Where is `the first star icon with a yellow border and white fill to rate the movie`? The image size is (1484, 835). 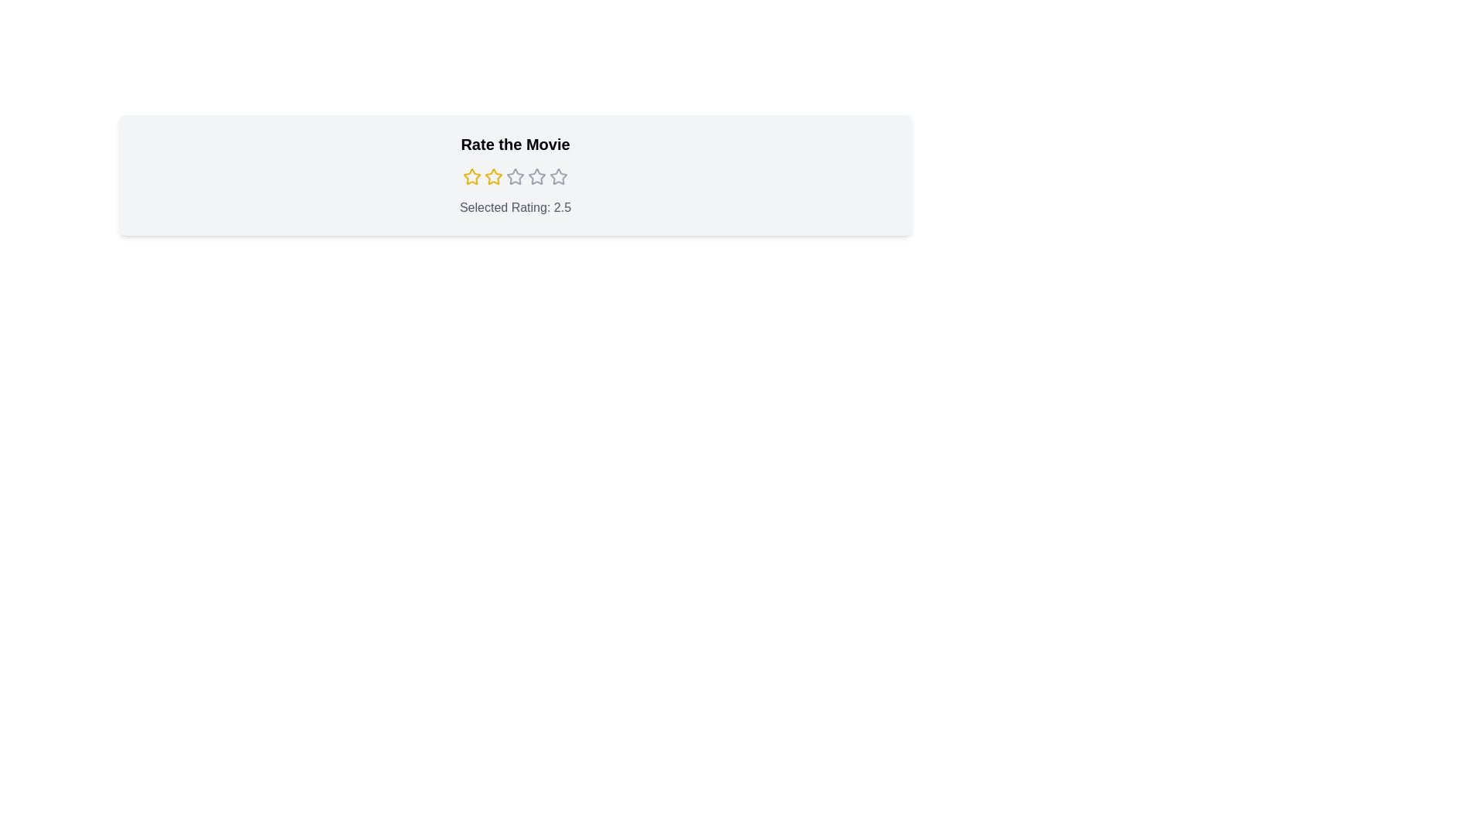 the first star icon with a yellow border and white fill to rate the movie is located at coordinates (471, 176).